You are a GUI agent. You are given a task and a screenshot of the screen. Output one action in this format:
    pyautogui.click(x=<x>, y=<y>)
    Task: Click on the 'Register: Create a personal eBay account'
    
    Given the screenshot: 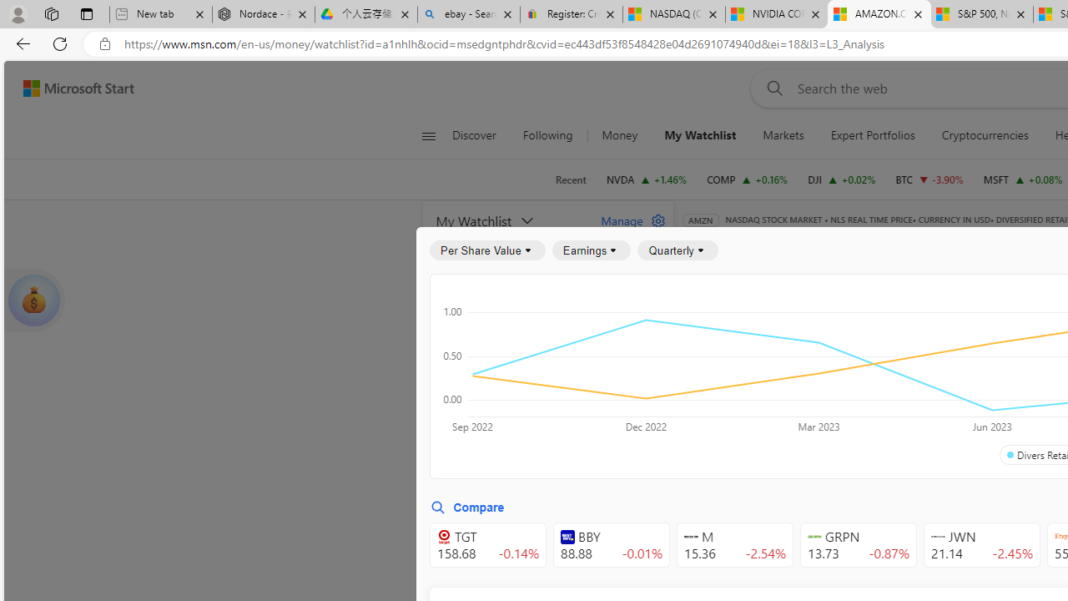 What is the action you would take?
    pyautogui.click(x=571, y=14)
    